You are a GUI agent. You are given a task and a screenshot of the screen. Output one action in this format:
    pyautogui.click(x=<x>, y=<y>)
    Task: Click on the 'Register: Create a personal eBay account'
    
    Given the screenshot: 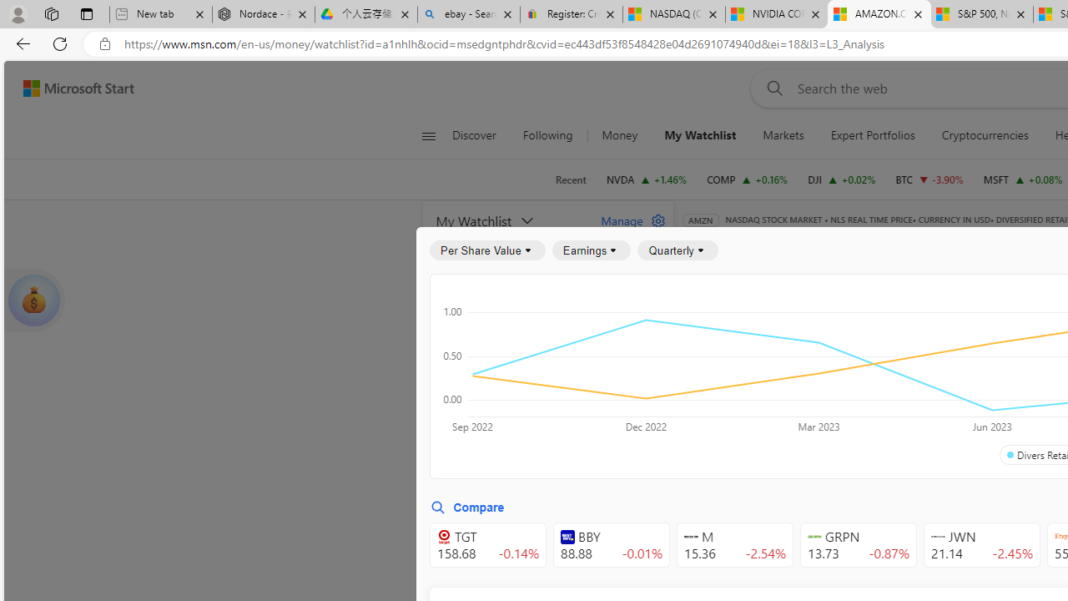 What is the action you would take?
    pyautogui.click(x=571, y=14)
    